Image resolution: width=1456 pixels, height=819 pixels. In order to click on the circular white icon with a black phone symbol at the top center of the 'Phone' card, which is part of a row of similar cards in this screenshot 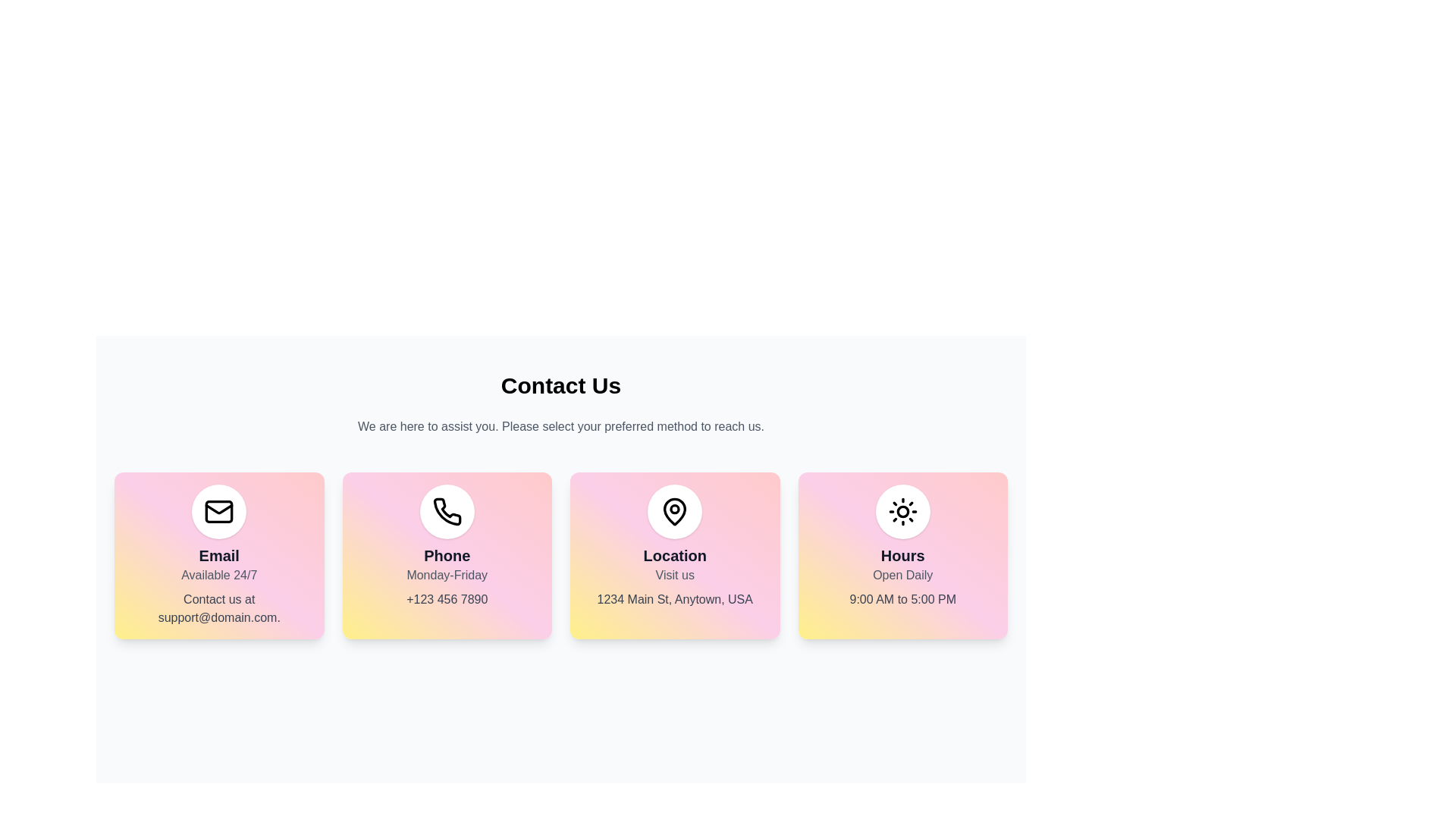, I will do `click(446, 512)`.